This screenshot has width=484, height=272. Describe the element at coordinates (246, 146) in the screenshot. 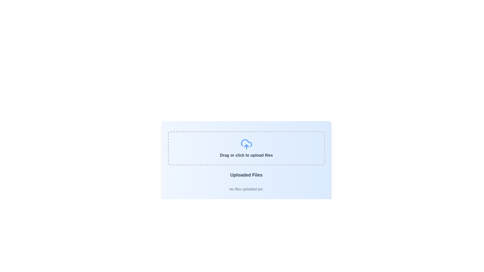

I see `the upload icon, which is an arrow pointing upwards within a cloud outline, positioned near the top of the interface` at that location.